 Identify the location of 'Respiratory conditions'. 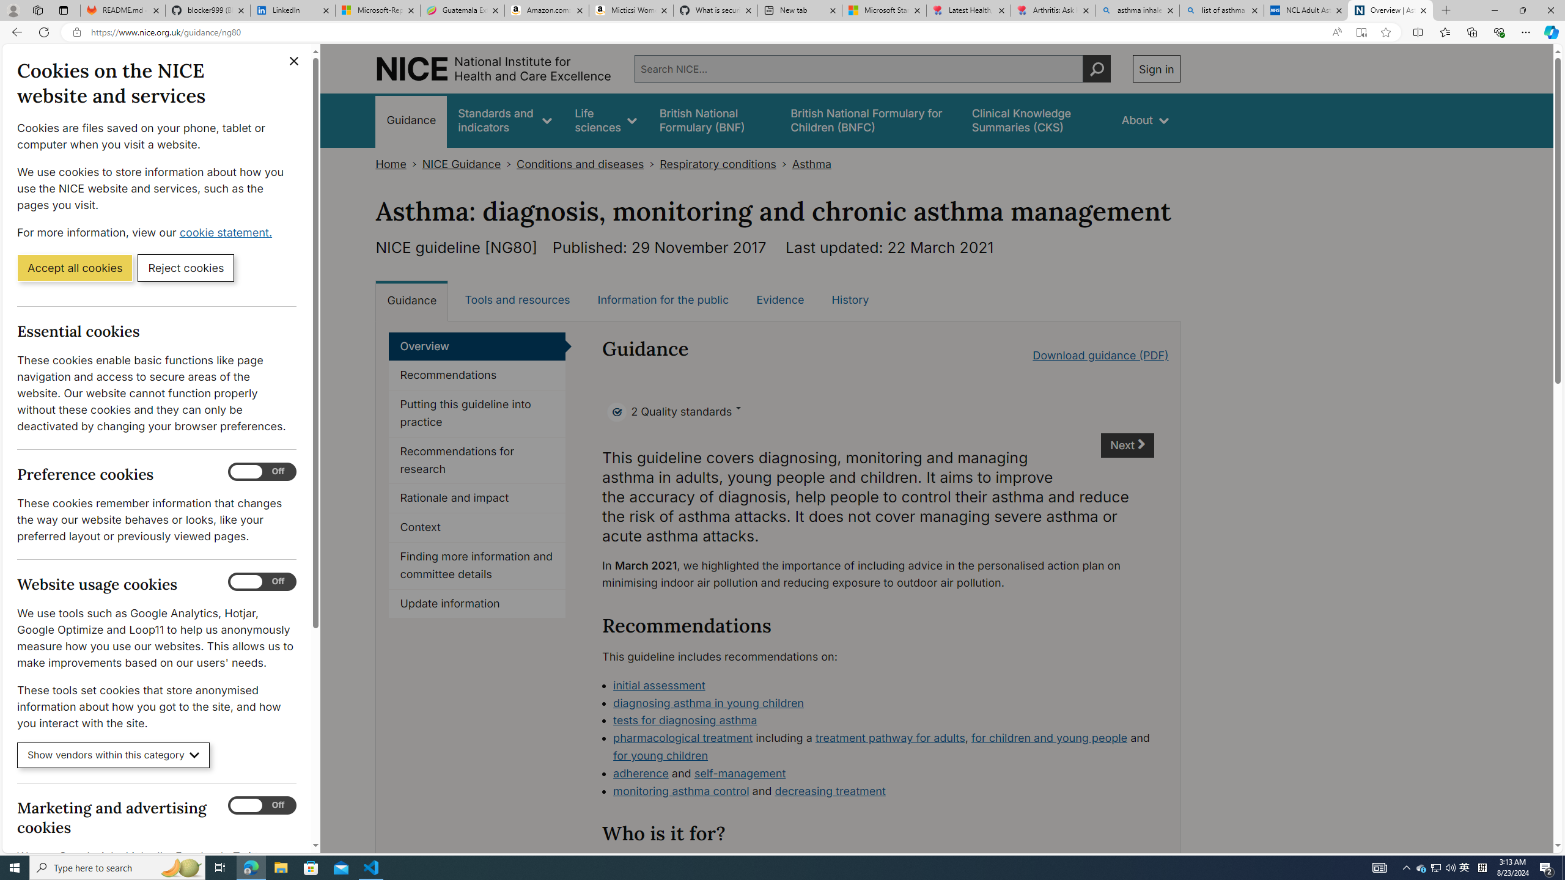
(717, 164).